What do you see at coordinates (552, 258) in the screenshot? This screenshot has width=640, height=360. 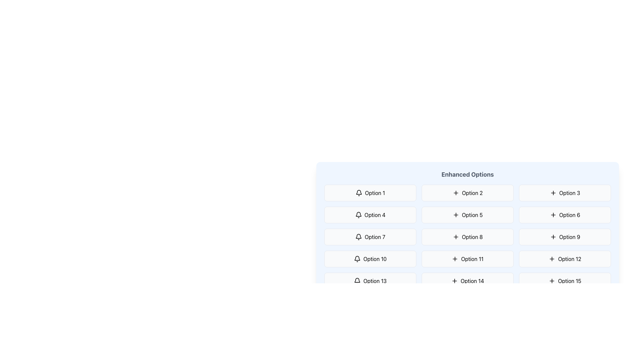 I see `the add icon within the 'Option 12' button located` at bounding box center [552, 258].